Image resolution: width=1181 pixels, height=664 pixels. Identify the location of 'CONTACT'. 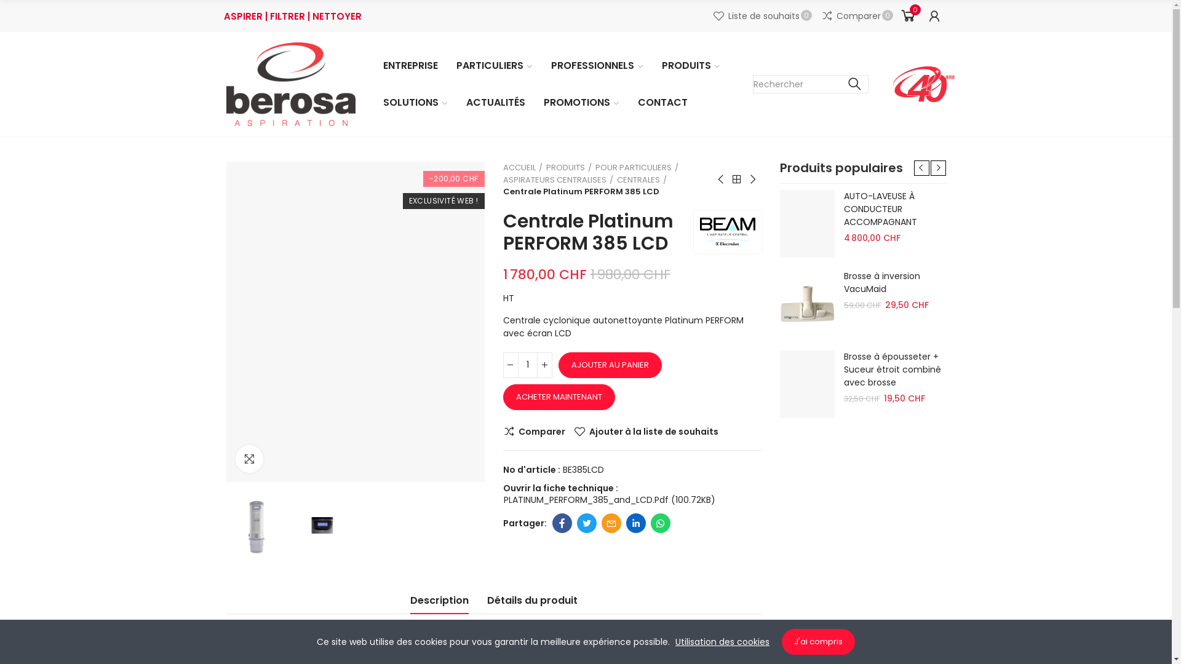
(662, 101).